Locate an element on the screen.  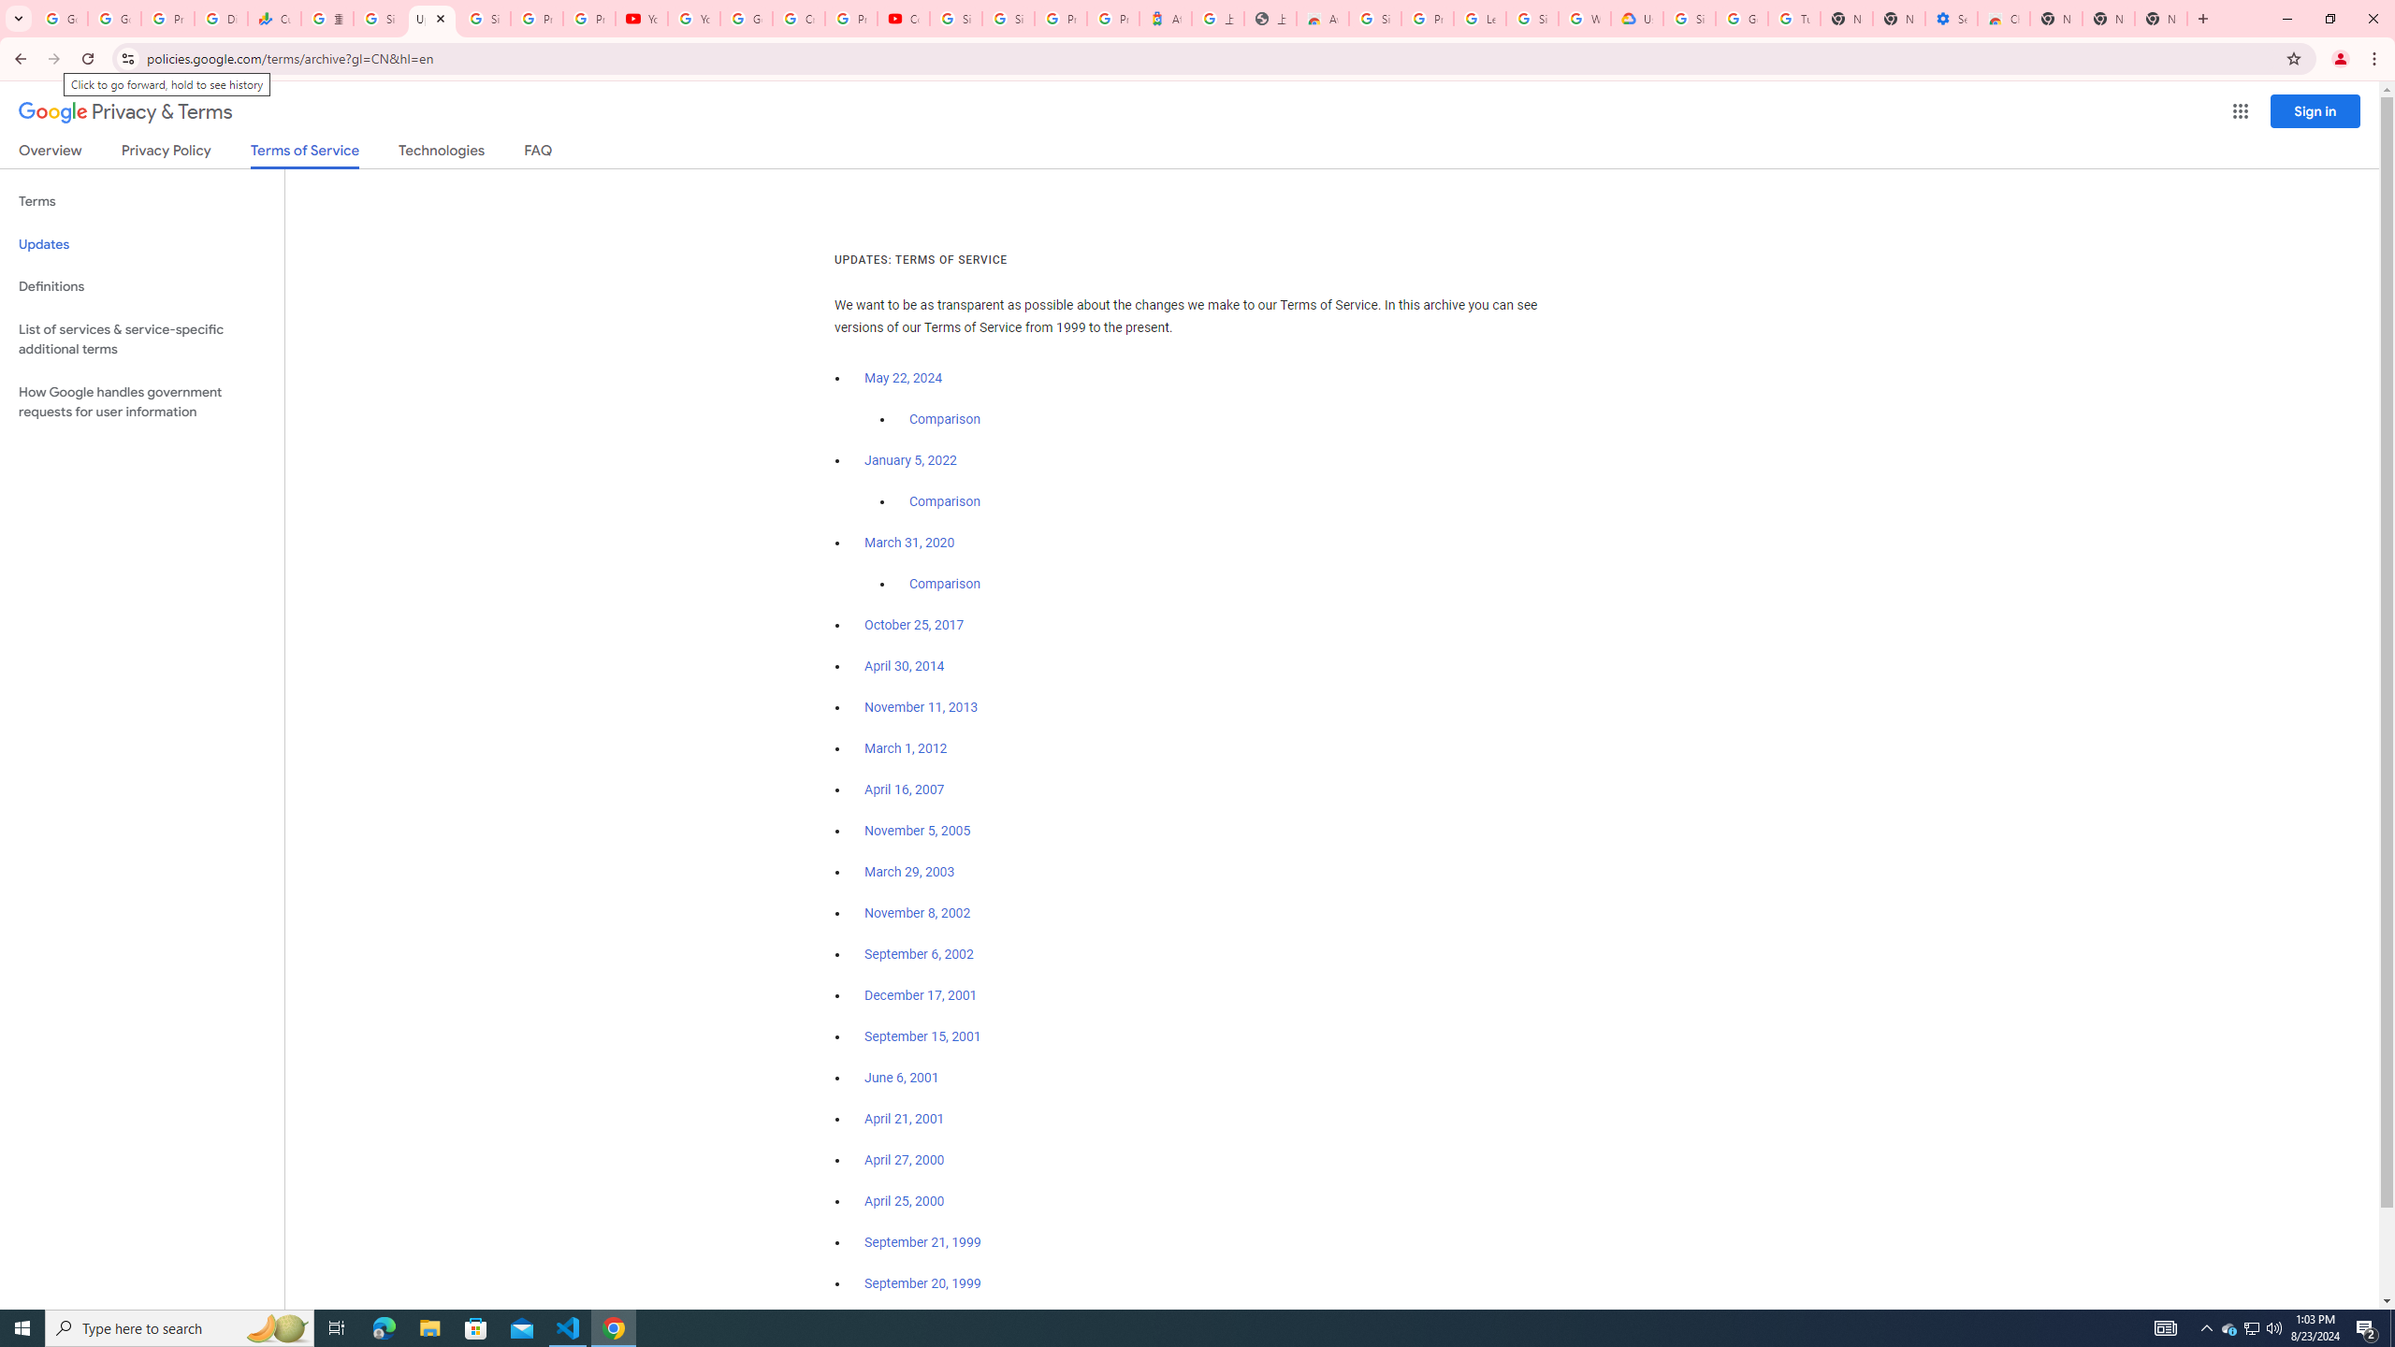
'Google Workspace Admin Community' is located at coordinates (61, 18).